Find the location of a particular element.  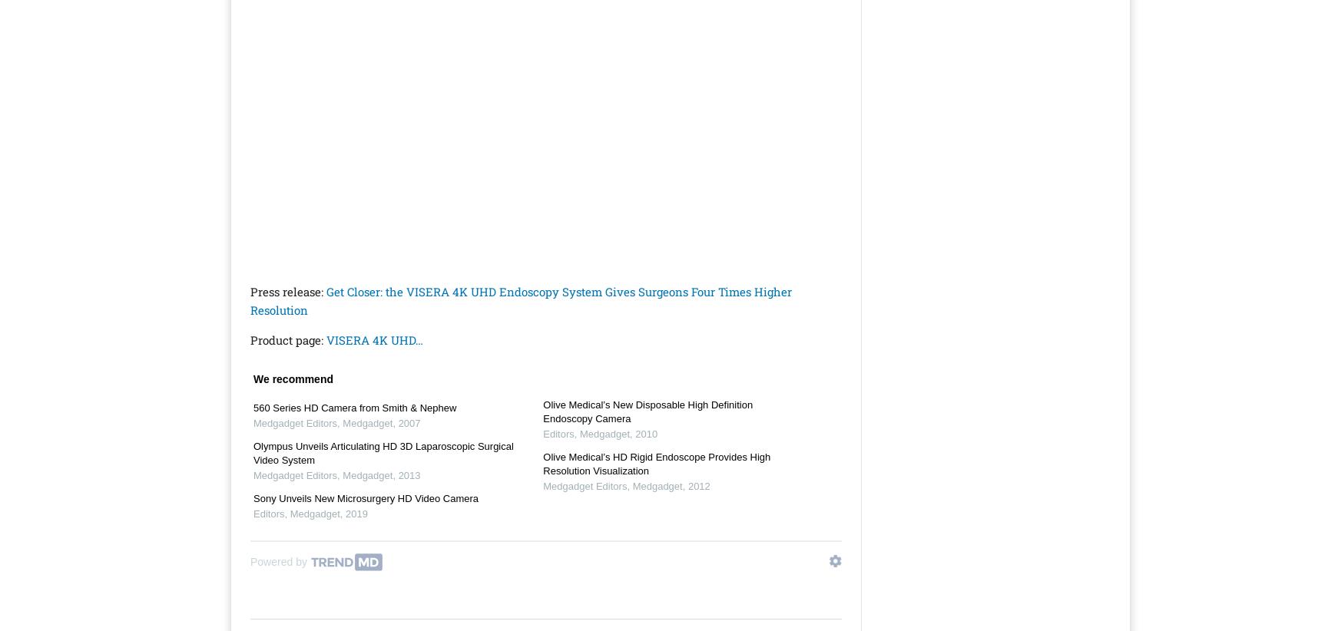

'VISERA 4K UHD…' is located at coordinates (374, 339).